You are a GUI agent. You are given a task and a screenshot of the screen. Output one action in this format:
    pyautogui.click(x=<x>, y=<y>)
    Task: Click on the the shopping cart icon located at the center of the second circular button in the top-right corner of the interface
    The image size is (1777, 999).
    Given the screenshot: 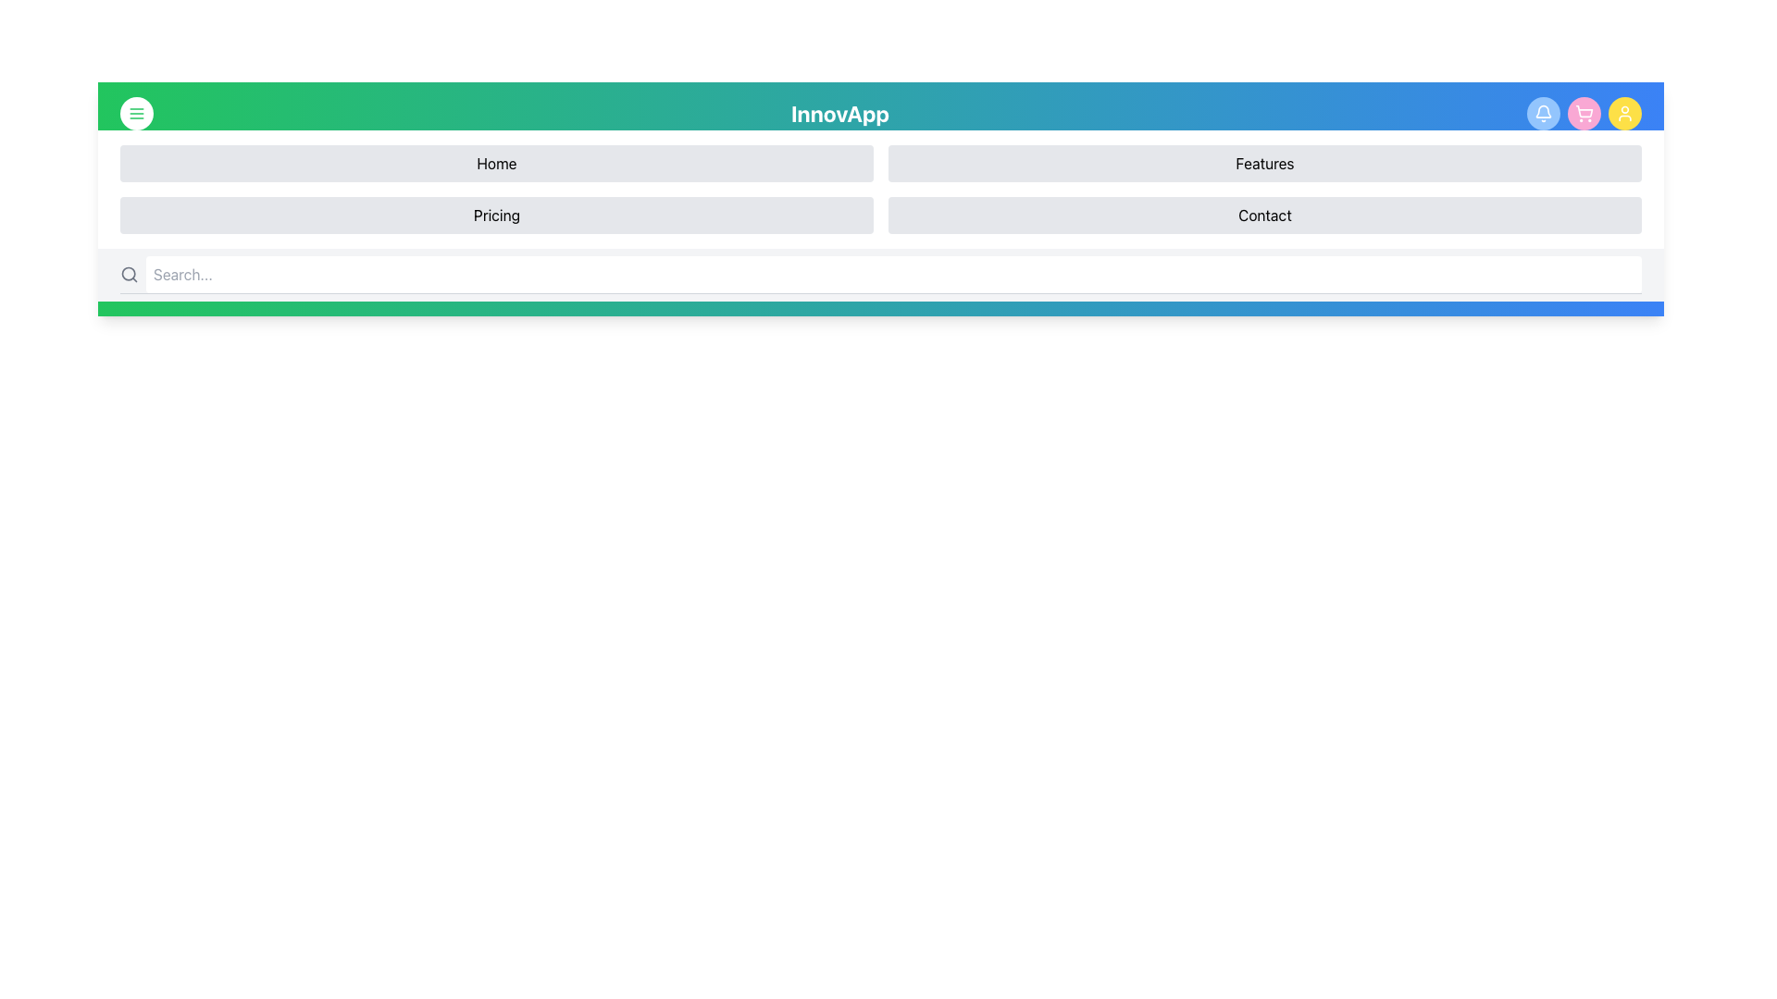 What is the action you would take?
    pyautogui.click(x=1584, y=114)
    